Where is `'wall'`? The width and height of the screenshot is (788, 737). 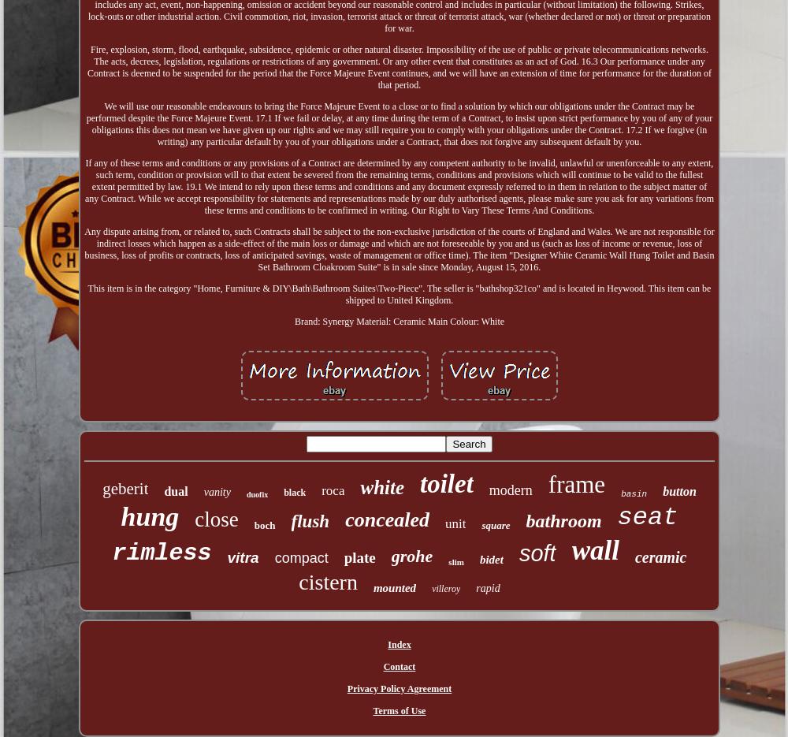 'wall' is located at coordinates (595, 549).